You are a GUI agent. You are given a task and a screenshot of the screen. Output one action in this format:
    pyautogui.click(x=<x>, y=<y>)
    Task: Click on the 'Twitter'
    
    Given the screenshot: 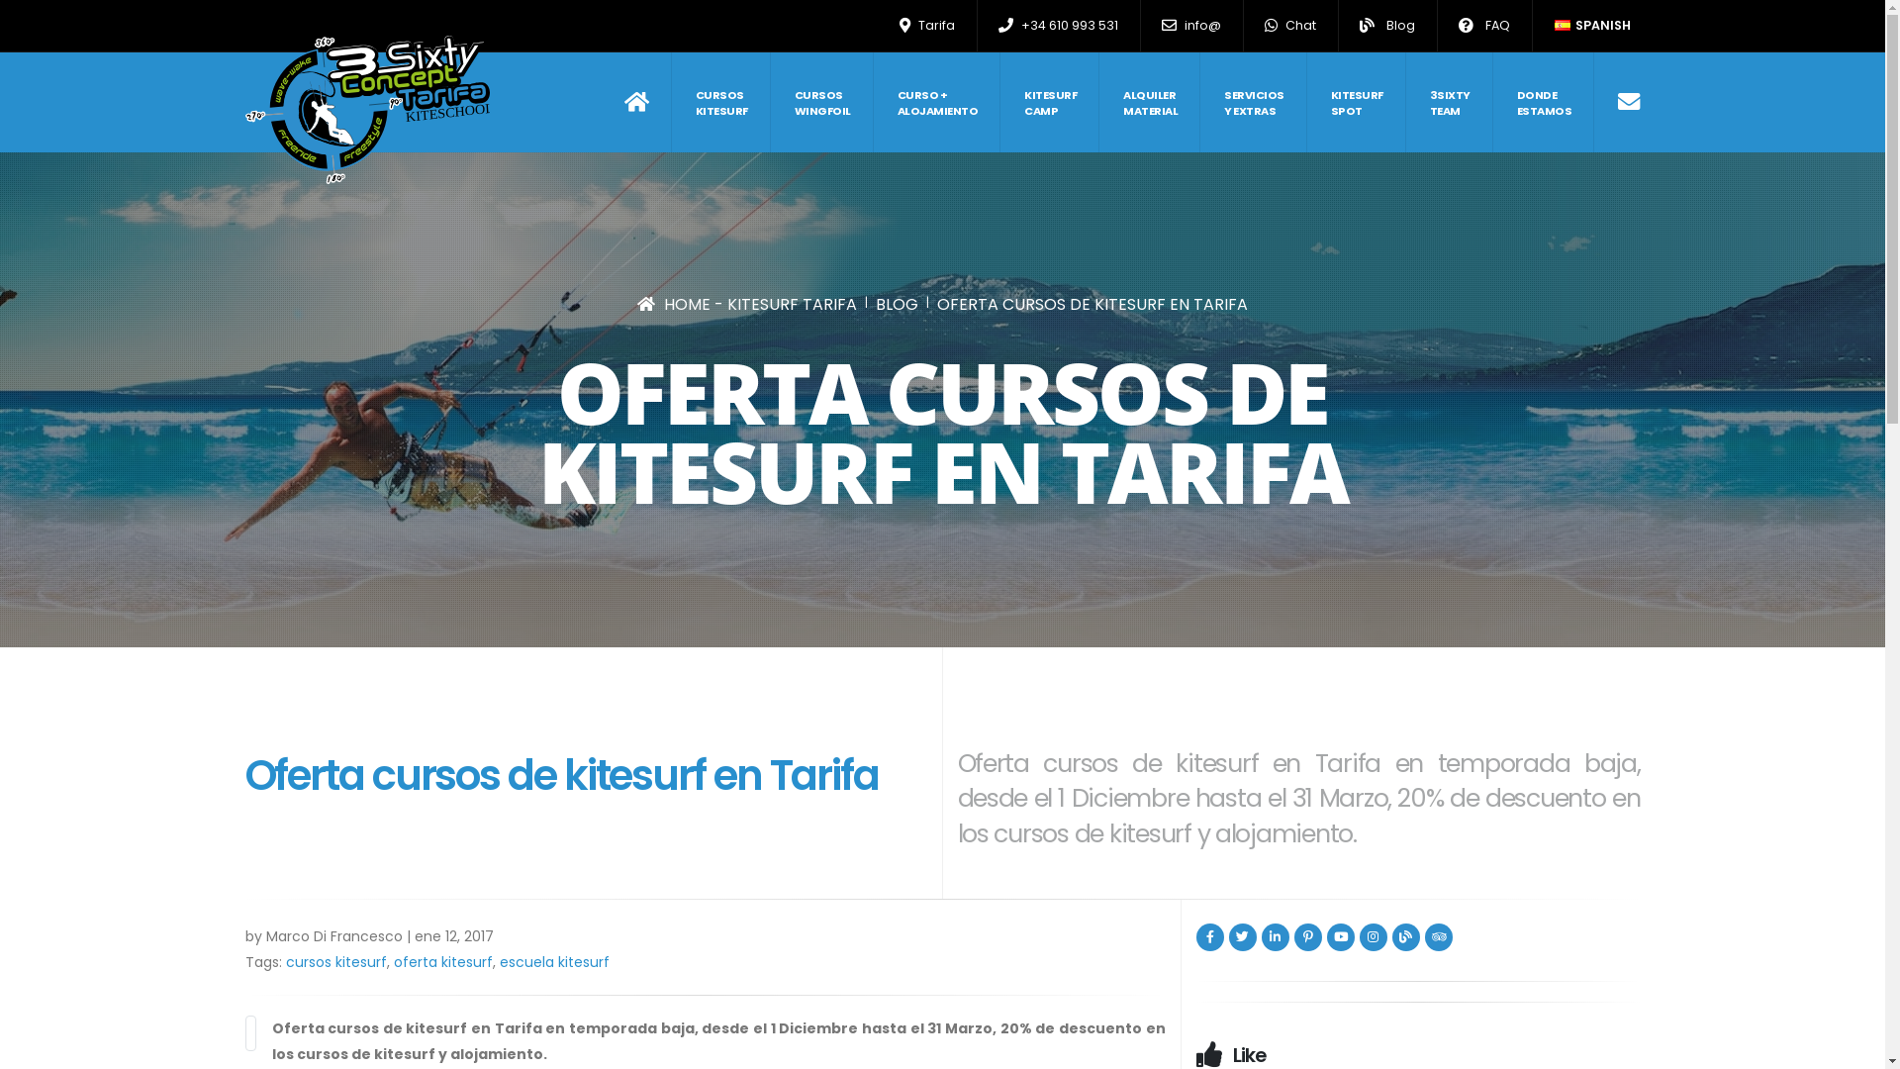 What is the action you would take?
    pyautogui.click(x=1242, y=936)
    